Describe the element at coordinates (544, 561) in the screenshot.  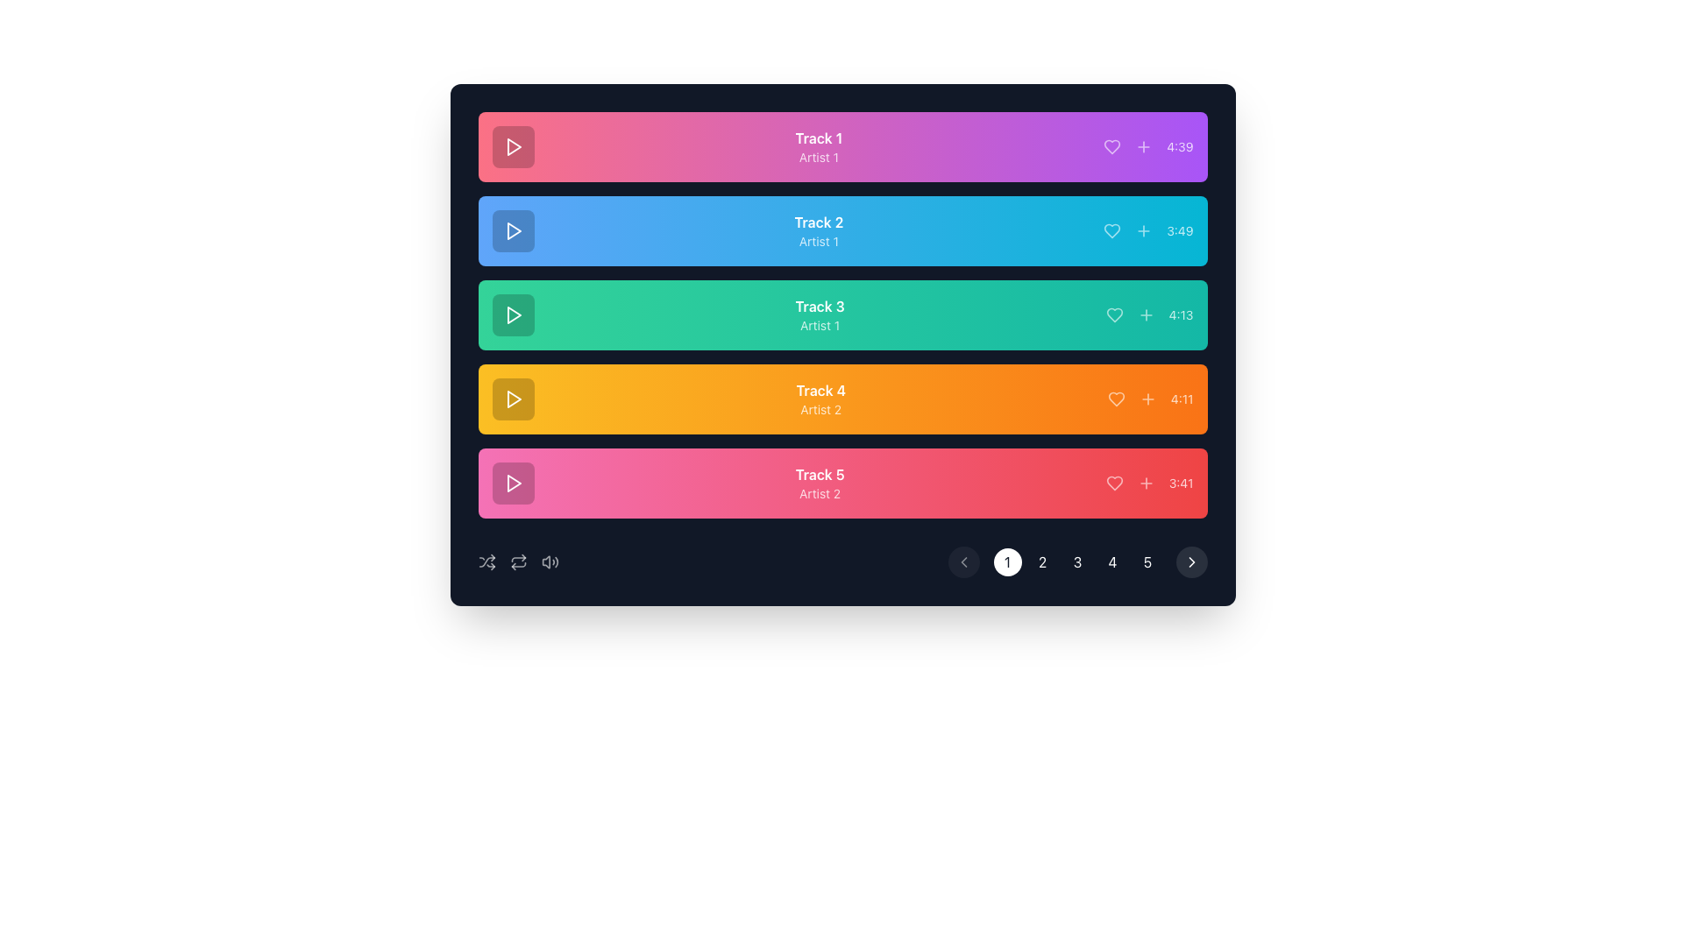
I see `the volume adjustment icon located in the bottom control bar of the audio player interface` at that location.